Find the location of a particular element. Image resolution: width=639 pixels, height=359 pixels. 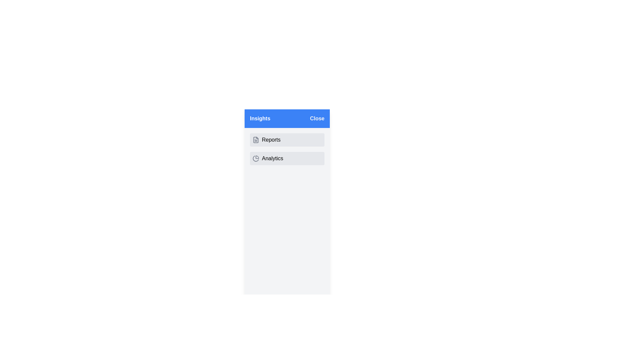

the 'Reports' text label located beneath the blue header bar is located at coordinates (271, 139).